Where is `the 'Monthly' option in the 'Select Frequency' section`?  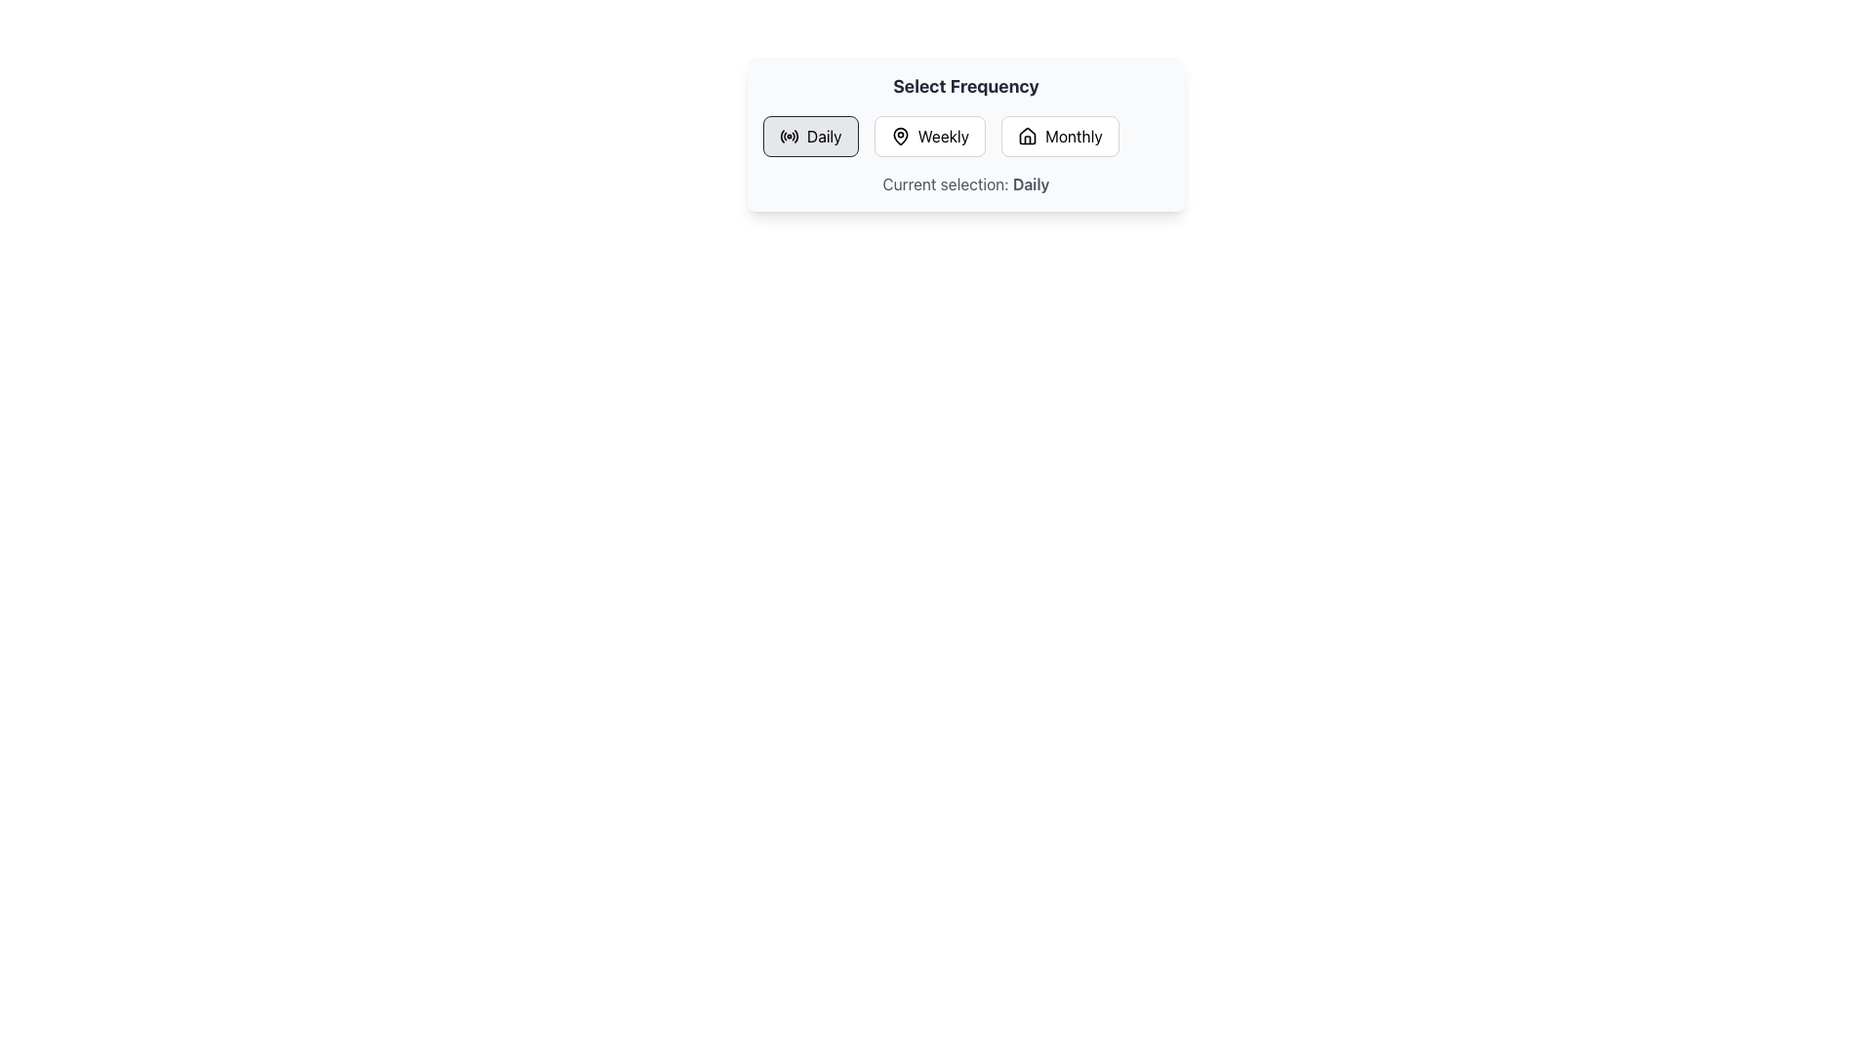
the 'Monthly' option in the 'Select Frequency' section is located at coordinates (1073, 135).